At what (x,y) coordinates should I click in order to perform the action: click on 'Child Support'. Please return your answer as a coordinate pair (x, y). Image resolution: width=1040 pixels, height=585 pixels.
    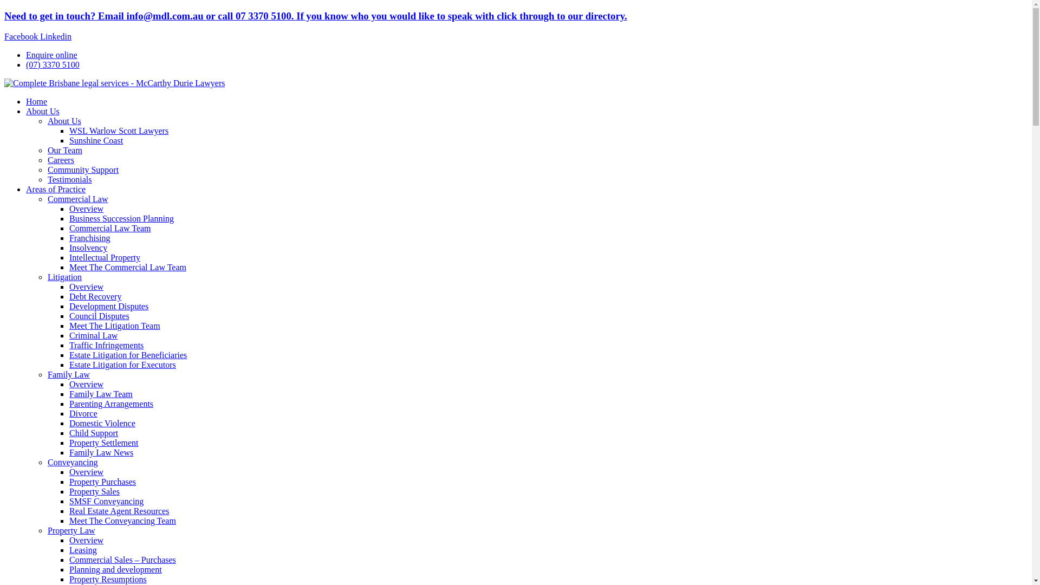
    Looking at the image, I should click on (93, 432).